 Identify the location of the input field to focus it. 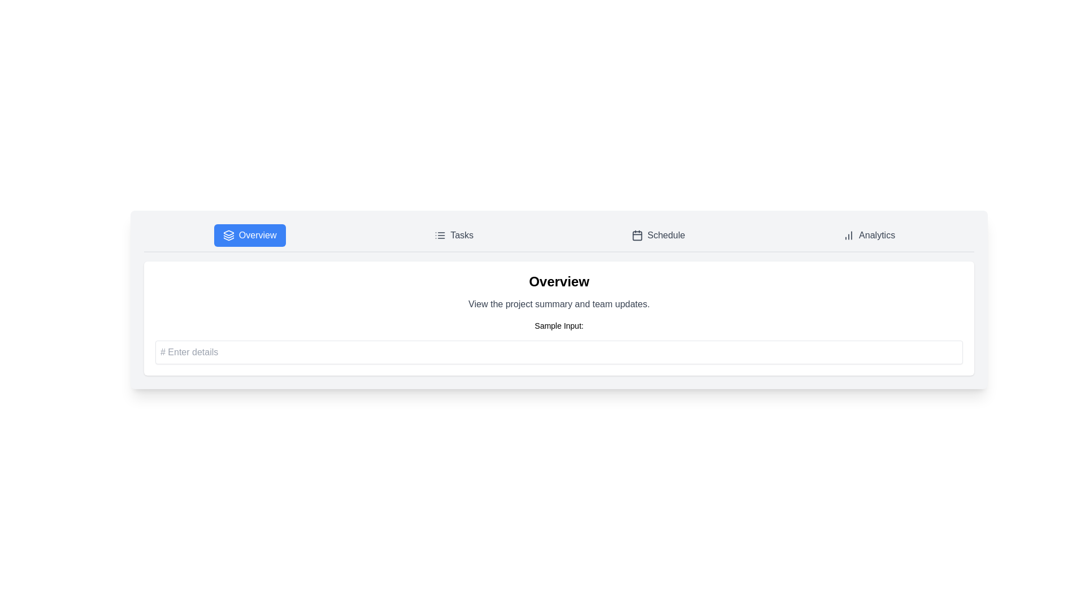
(559, 352).